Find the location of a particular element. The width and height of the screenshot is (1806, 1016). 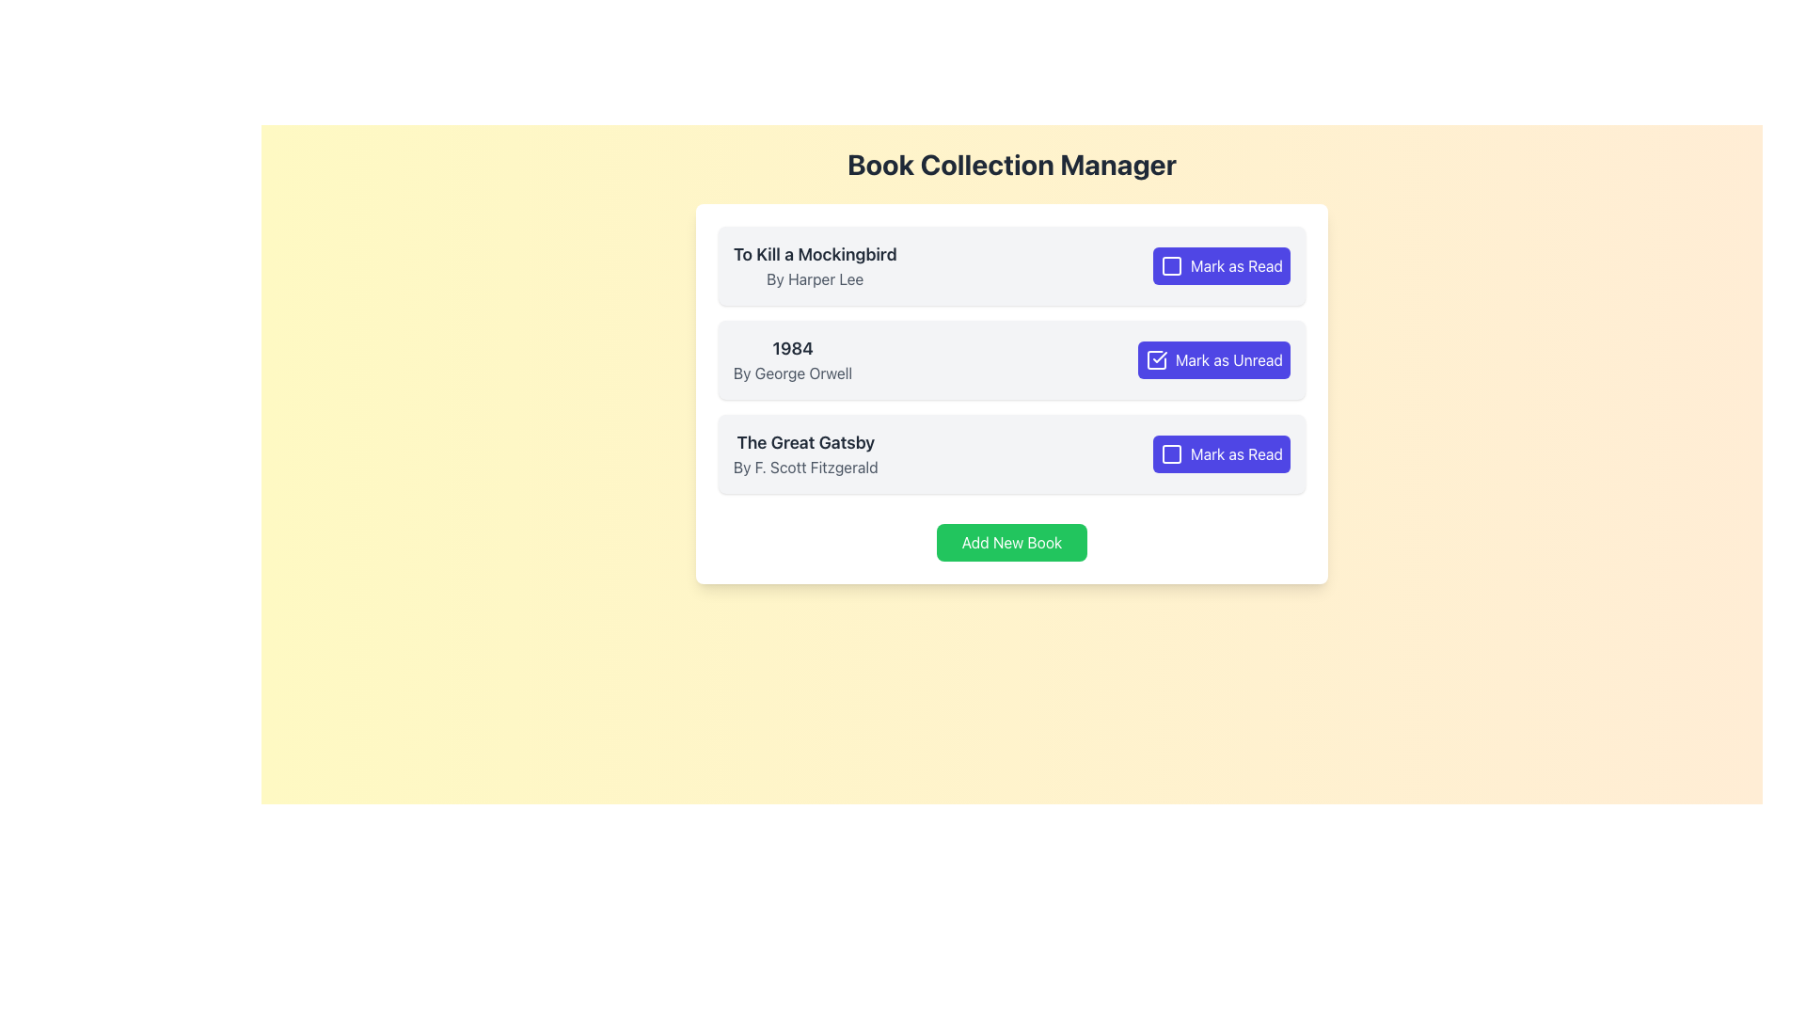

the text label reading 'By Harper Lee', which is displayed in a gray font and positioned below the main title 'To Kill a Mockingbird' in the first card of the displayed list is located at coordinates (815, 279).